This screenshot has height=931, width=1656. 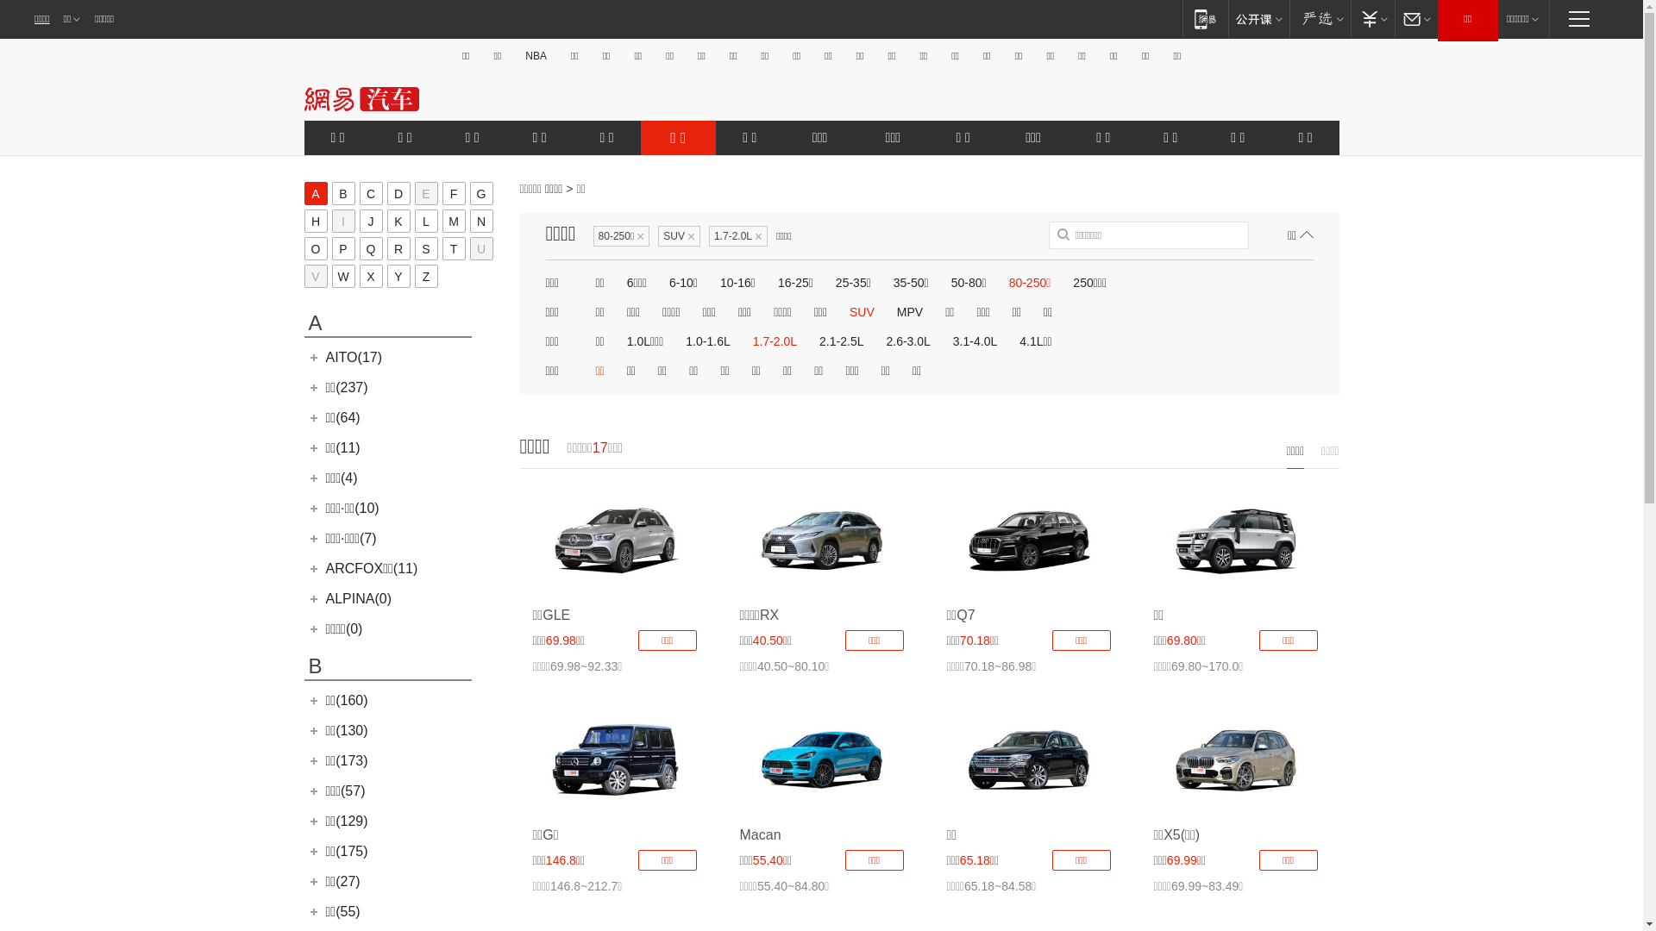 What do you see at coordinates (453, 193) in the screenshot?
I see `'F'` at bounding box center [453, 193].